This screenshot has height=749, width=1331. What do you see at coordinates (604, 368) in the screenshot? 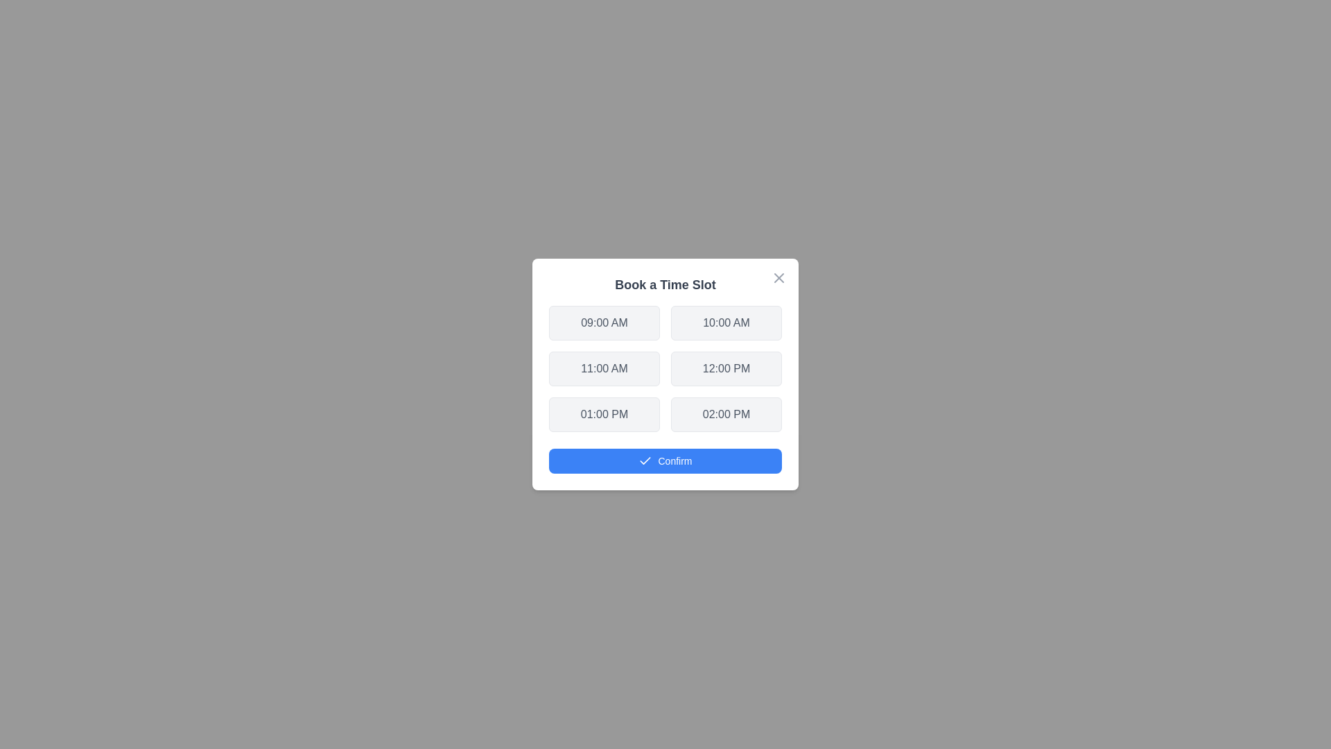
I see `the time slot 11:00 AM by clicking on its button` at bounding box center [604, 368].